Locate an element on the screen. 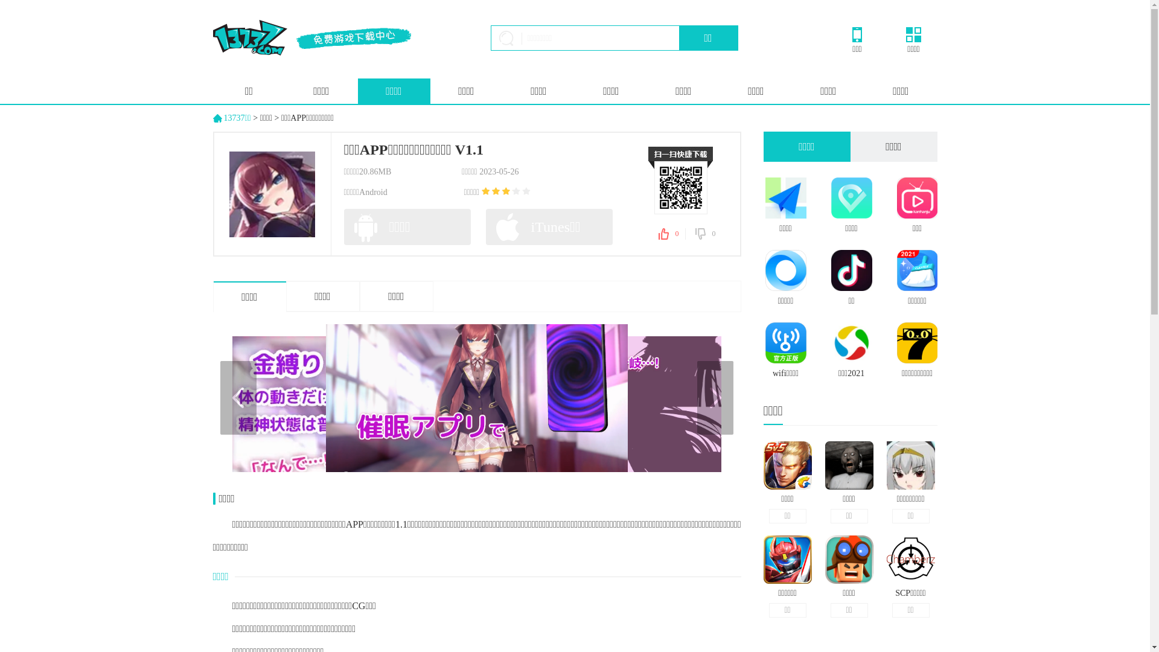 This screenshot has height=652, width=1159. '0' is located at coordinates (706, 234).